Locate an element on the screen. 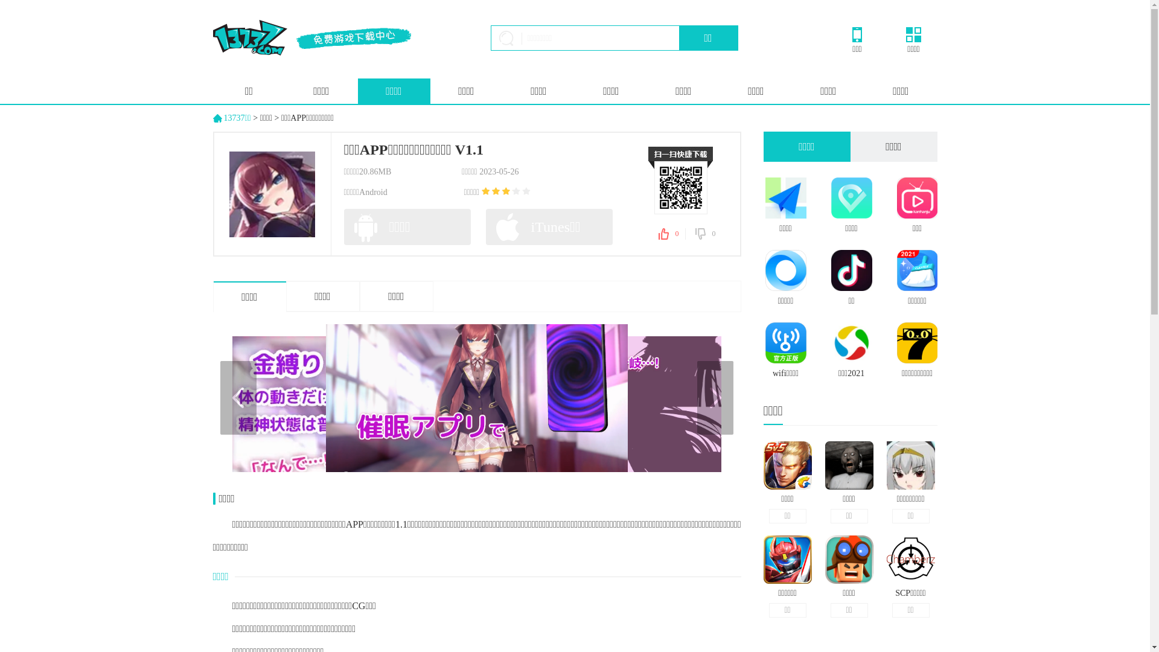 This screenshot has height=652, width=1159. '0' is located at coordinates (706, 234).